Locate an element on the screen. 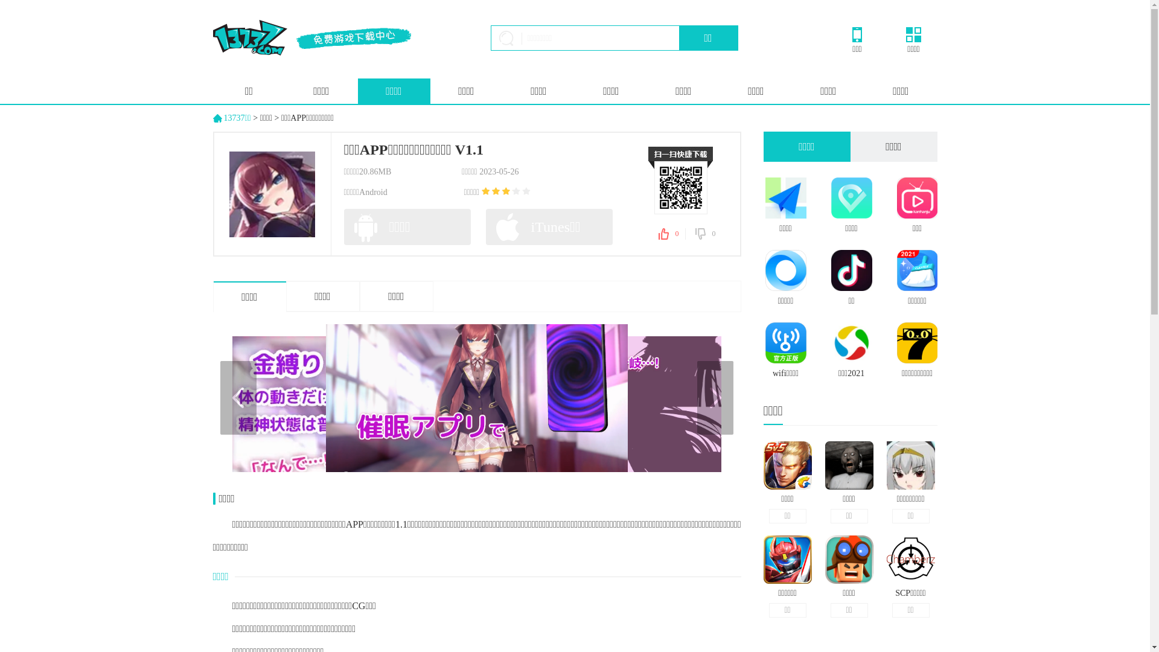 This screenshot has height=652, width=1159. '0' is located at coordinates (706, 234).